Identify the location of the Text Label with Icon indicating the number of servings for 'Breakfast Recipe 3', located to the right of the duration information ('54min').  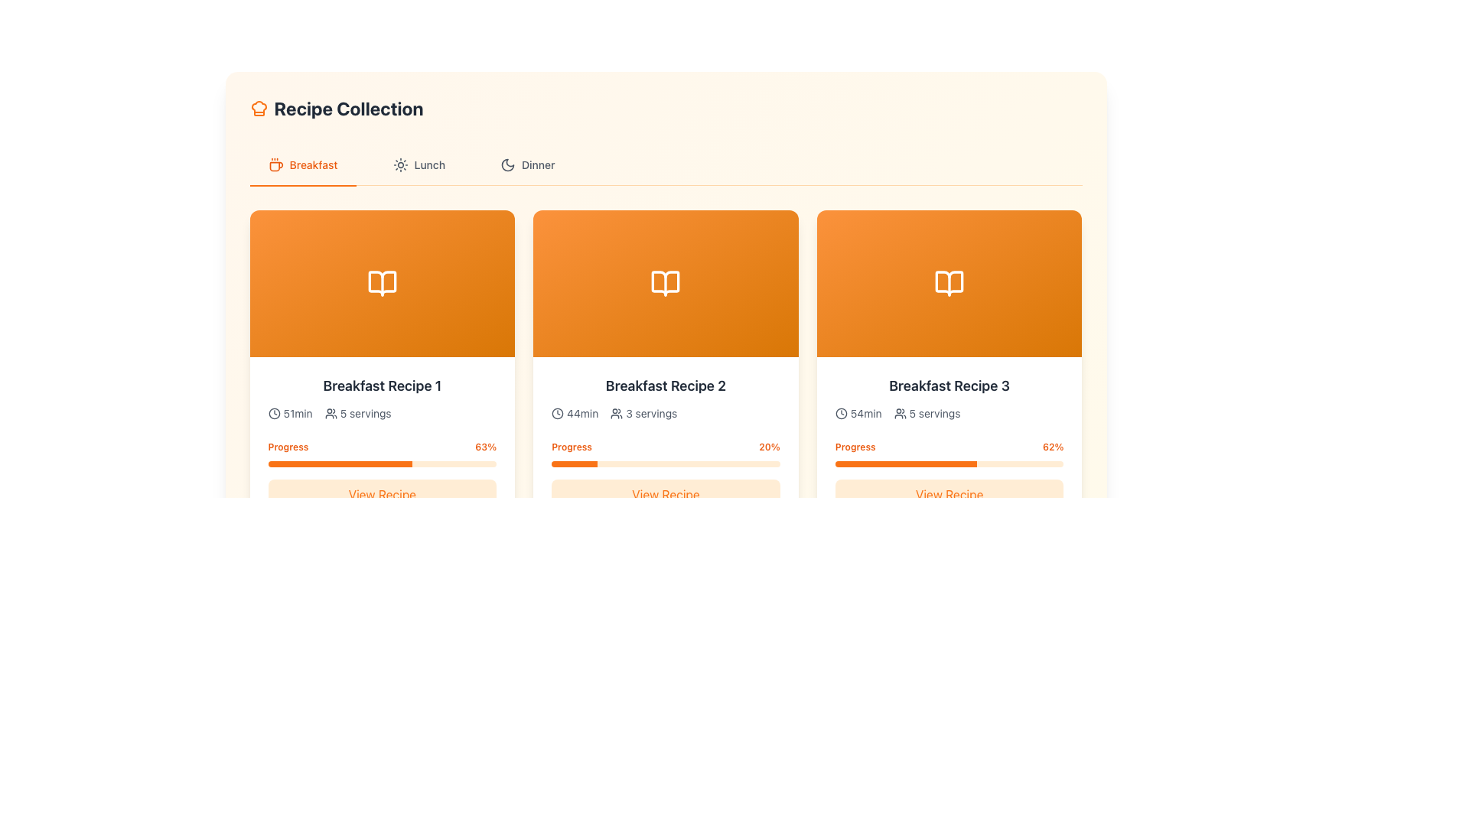
(927, 413).